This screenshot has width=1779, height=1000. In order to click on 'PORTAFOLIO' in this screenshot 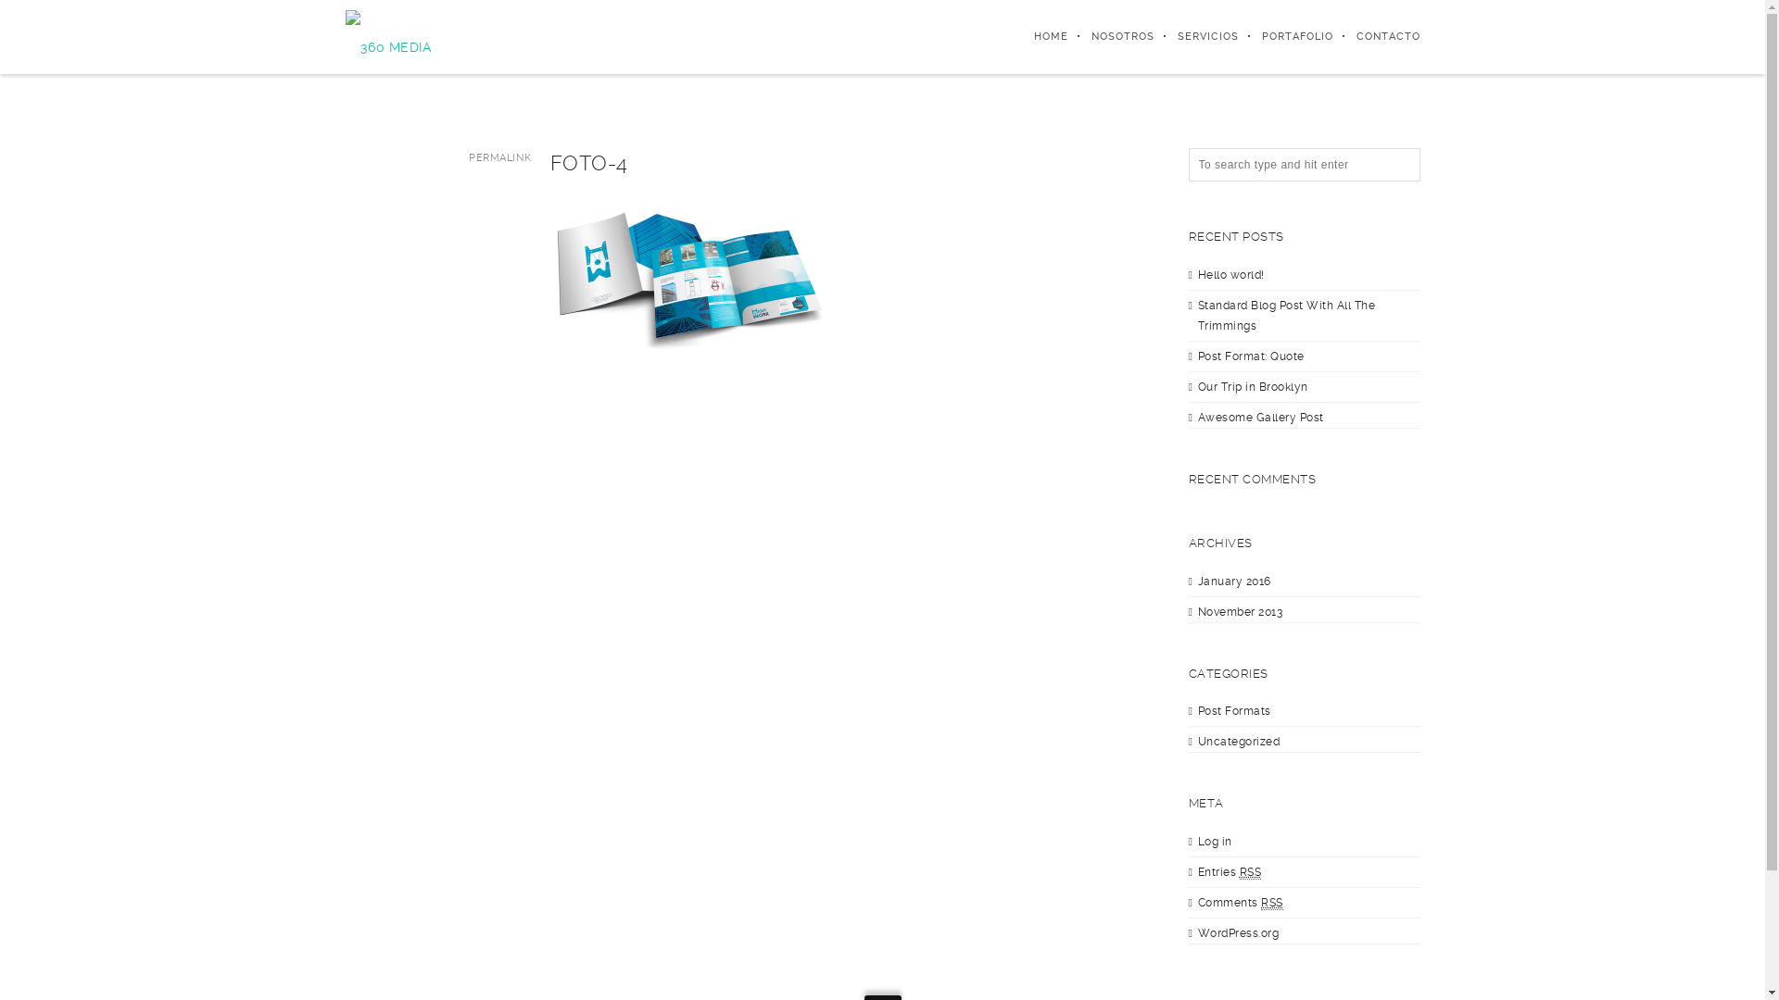, I will do `click(1237, 36)`.